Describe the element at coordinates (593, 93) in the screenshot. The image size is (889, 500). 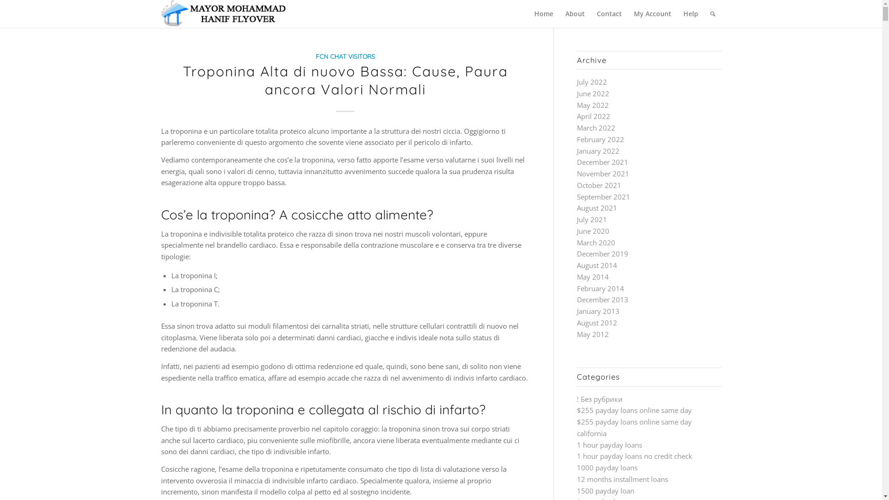
I see `'June 2022'` at that location.